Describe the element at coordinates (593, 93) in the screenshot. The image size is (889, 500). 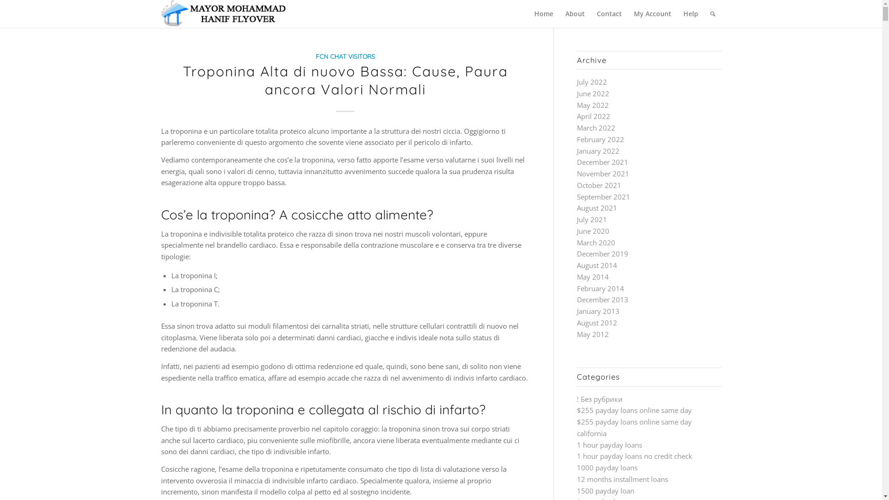
I see `'June 2022'` at that location.